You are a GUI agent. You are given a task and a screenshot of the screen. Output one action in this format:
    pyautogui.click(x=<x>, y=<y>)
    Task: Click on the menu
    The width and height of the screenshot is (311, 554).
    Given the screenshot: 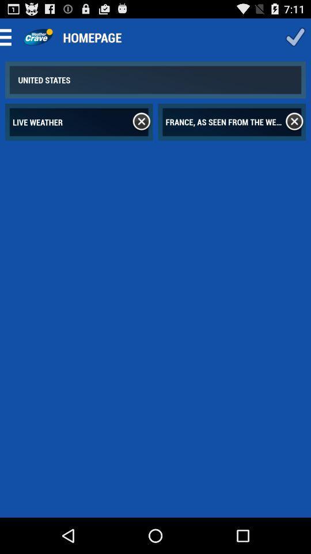 What is the action you would take?
    pyautogui.click(x=9, y=37)
    